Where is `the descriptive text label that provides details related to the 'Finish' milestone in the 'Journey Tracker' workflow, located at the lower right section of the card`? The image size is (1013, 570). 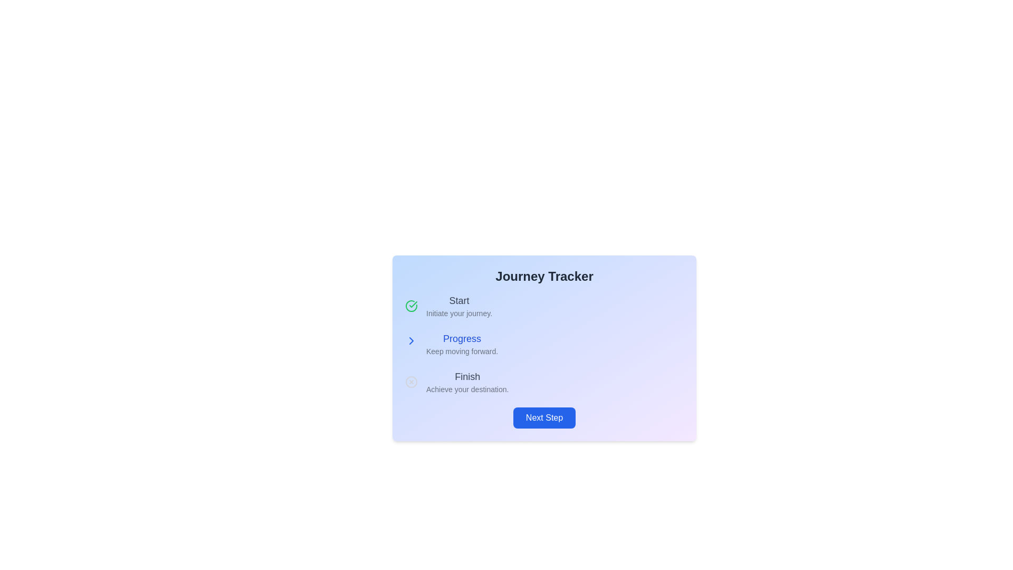
the descriptive text label that provides details related to the 'Finish' milestone in the 'Journey Tracker' workflow, located at the lower right section of the card is located at coordinates (467, 389).